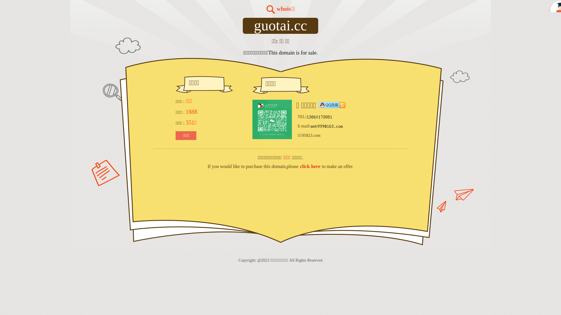 The width and height of the screenshot is (561, 315). What do you see at coordinates (309, 166) in the screenshot?
I see `'click here'` at bounding box center [309, 166].